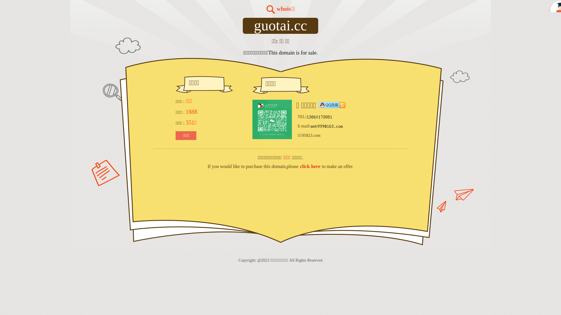 The width and height of the screenshot is (561, 315). What do you see at coordinates (309, 166) in the screenshot?
I see `'click here'` at bounding box center [309, 166].